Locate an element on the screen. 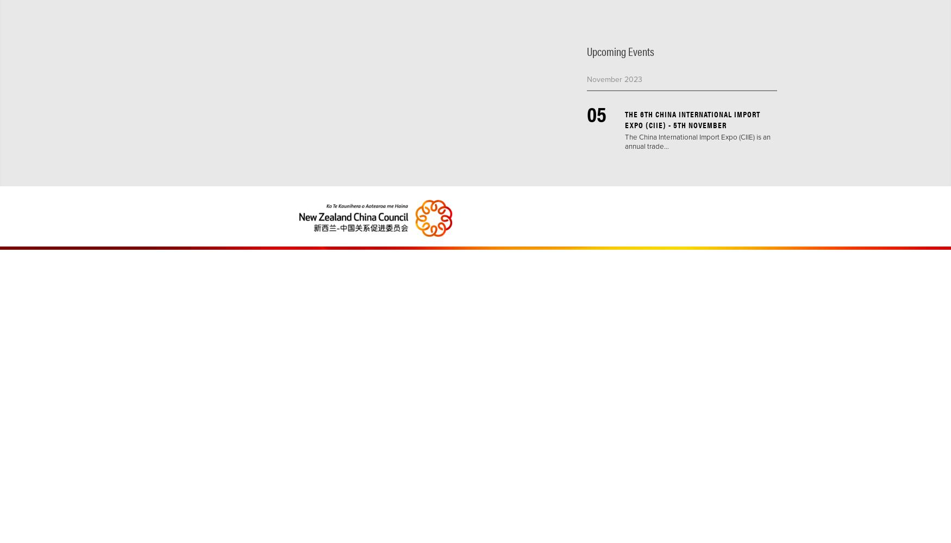 The height and width of the screenshot is (543, 951). 'The 6th China International Import Expo (CIIE) - 5th November' is located at coordinates (692, 118).